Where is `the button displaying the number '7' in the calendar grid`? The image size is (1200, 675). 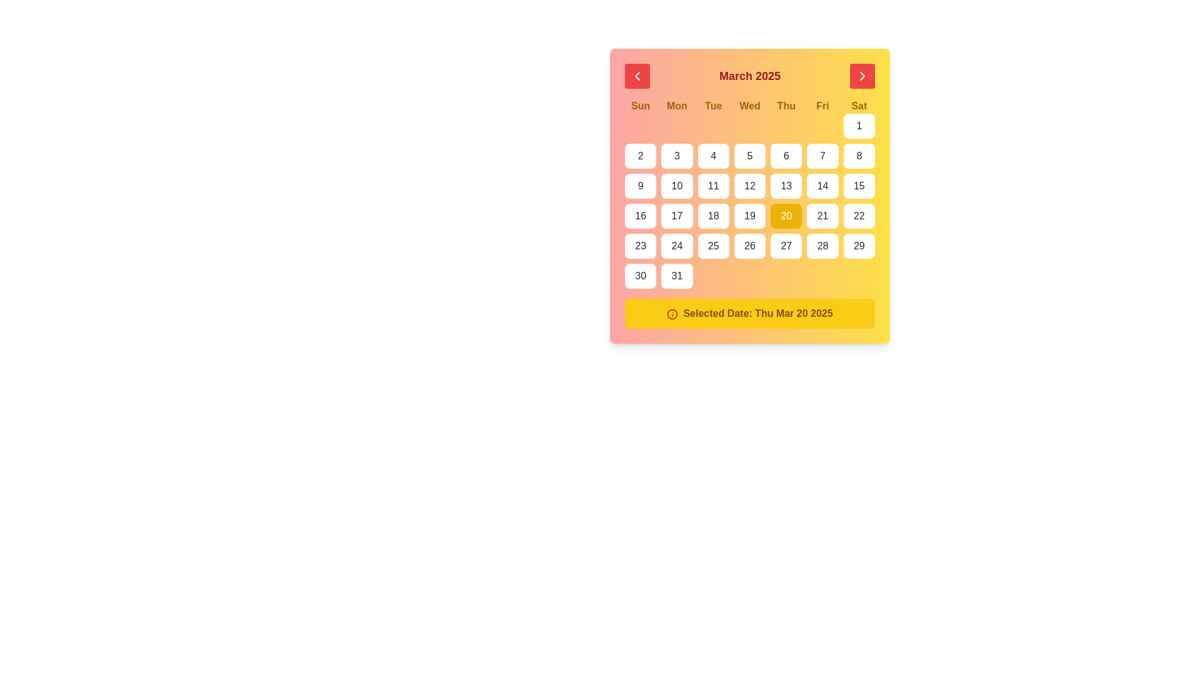 the button displaying the number '7' in the calendar grid is located at coordinates (822, 156).